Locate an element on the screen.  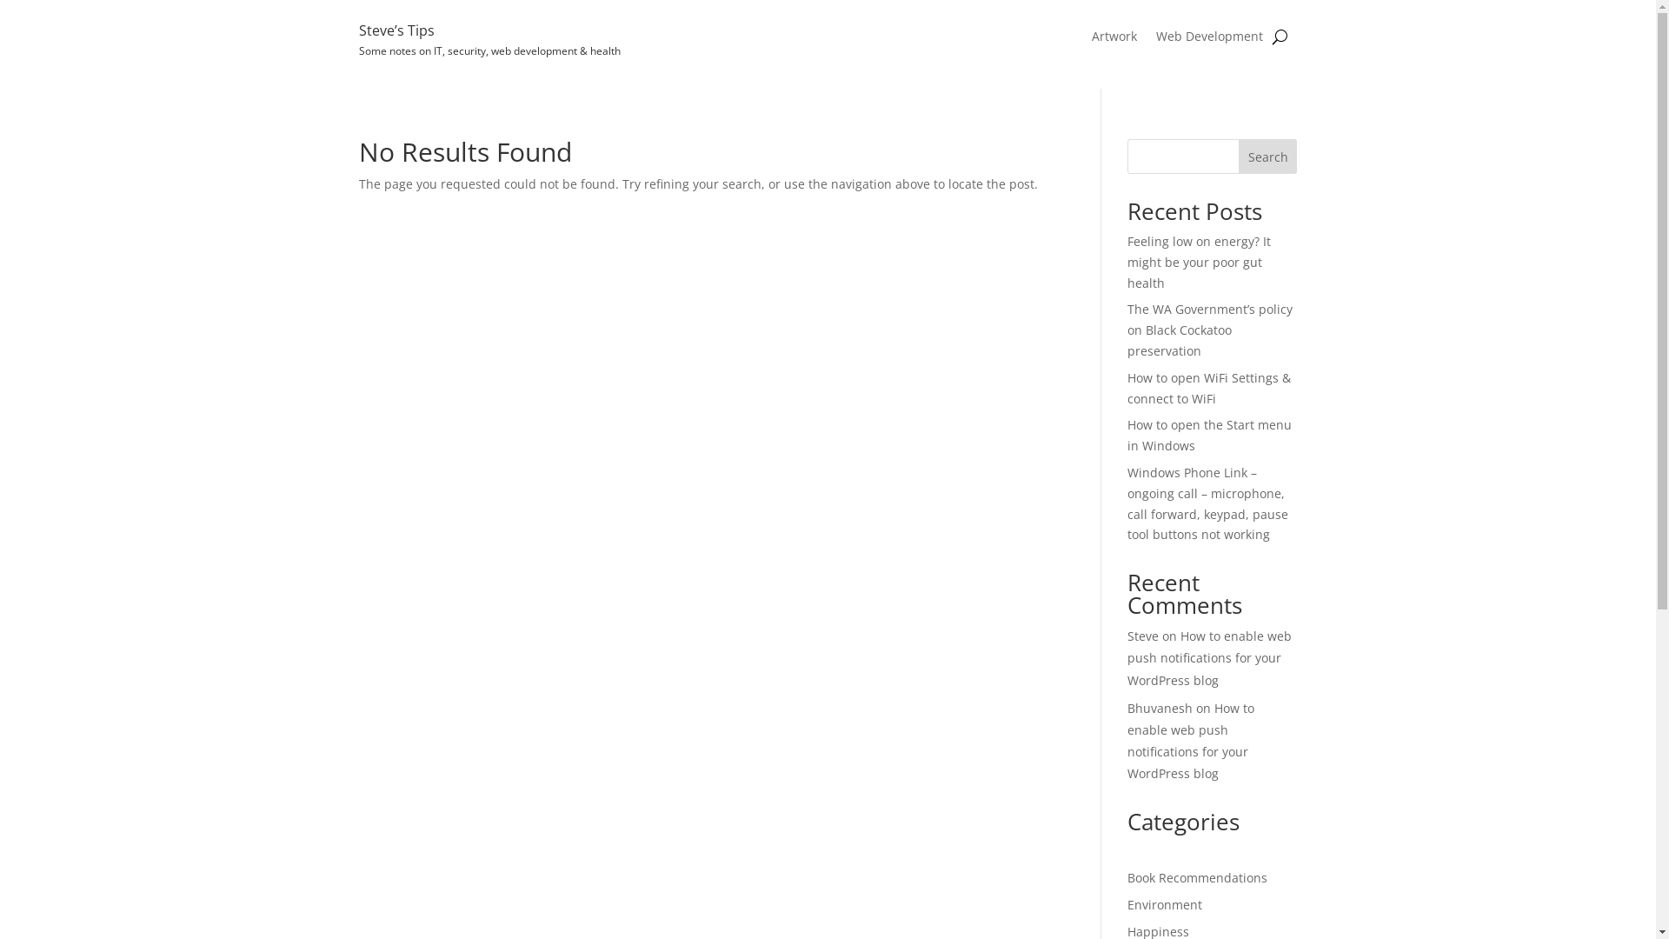
'Steve' is located at coordinates (1143, 636).